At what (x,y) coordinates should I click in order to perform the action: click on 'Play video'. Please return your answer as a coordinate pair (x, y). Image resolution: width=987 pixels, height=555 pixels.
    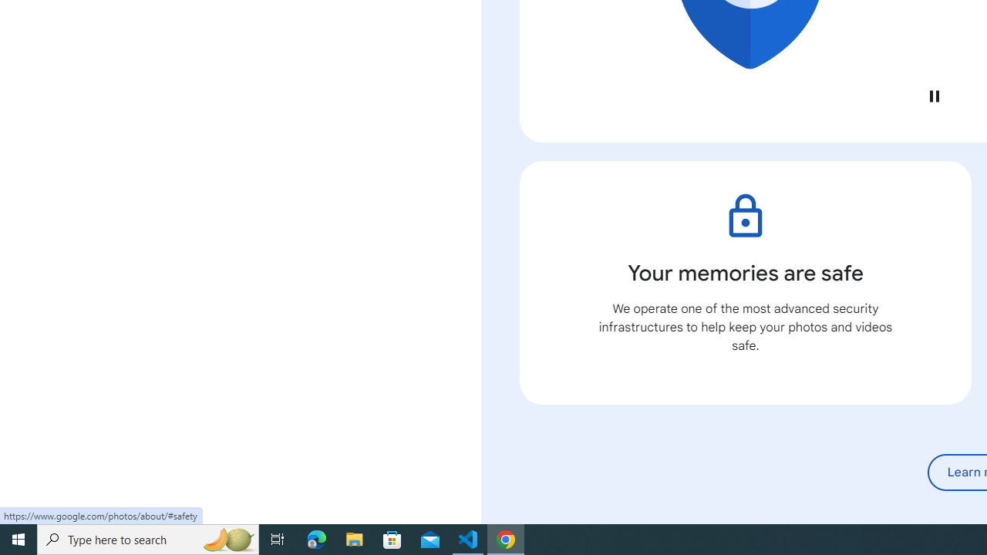
    Looking at the image, I should click on (933, 96).